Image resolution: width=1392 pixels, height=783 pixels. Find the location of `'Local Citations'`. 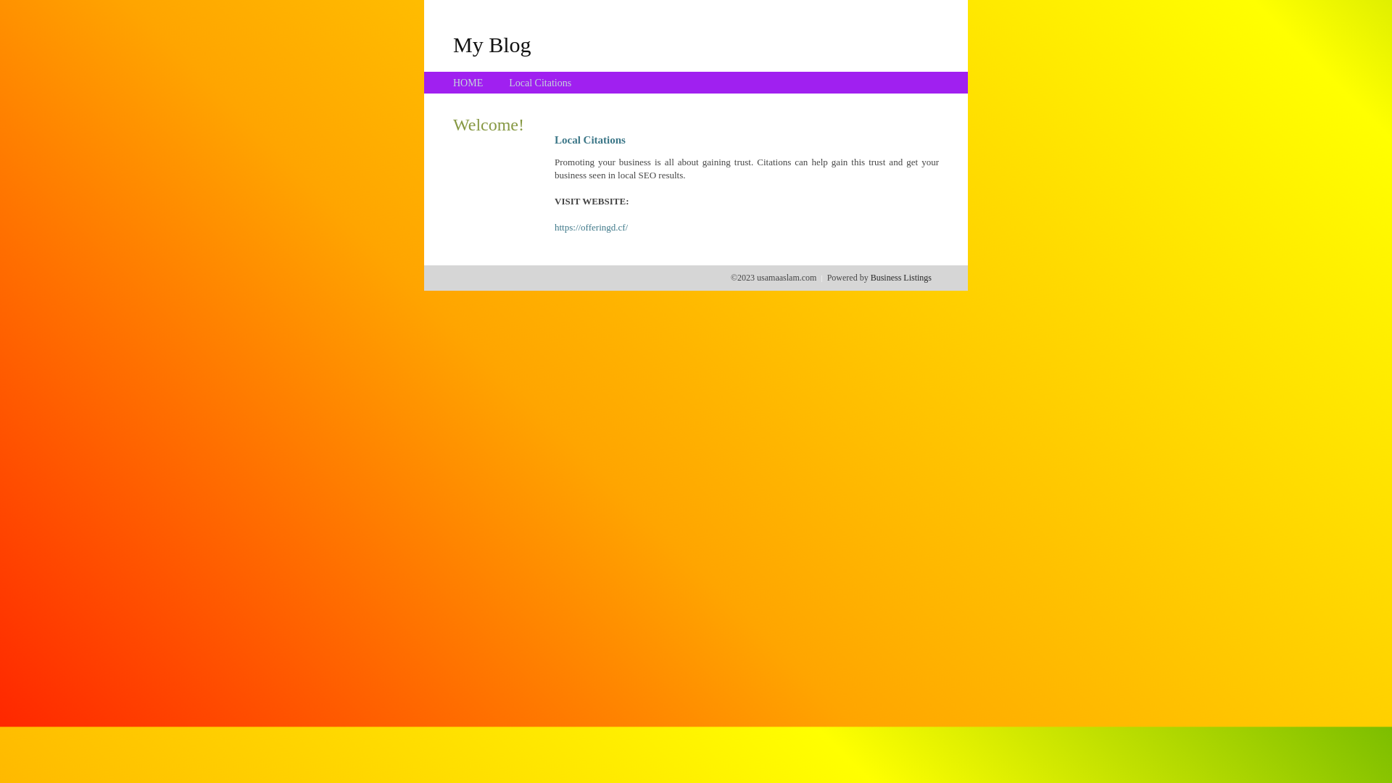

'Local Citations' is located at coordinates (539, 83).